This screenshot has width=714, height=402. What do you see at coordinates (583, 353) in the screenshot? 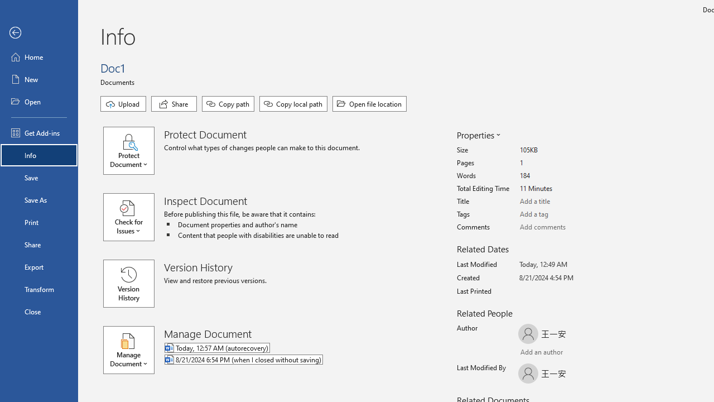
I see `'Browse Address Book'` at bounding box center [583, 353].